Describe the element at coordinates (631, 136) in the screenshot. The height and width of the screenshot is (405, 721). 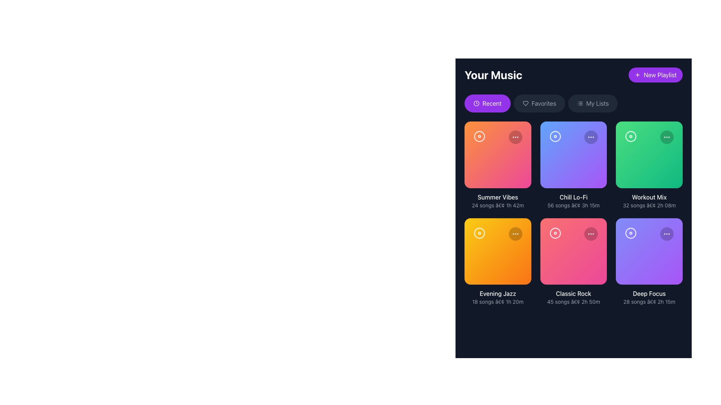
I see `the indicator icon representing the state or information about the 'Workout Mix' playlist located in the top-left quadrant of the card` at that location.